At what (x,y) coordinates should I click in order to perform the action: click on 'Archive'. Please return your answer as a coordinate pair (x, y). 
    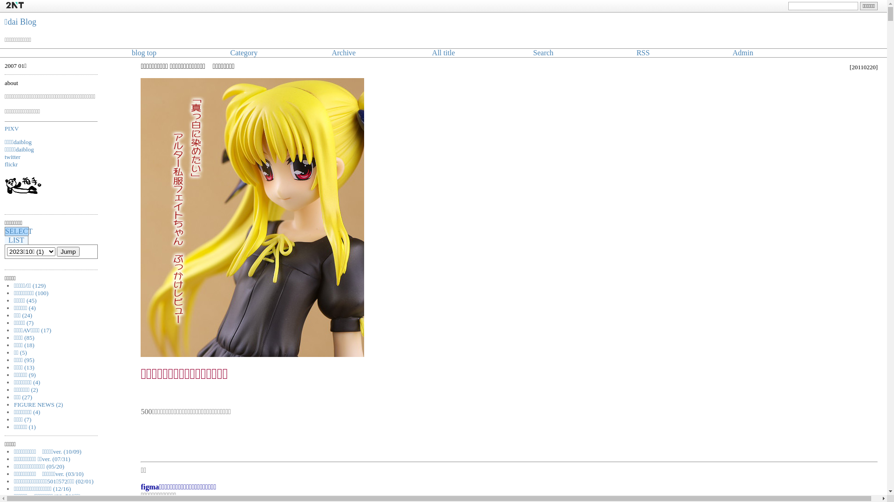
    Looking at the image, I should click on (331, 53).